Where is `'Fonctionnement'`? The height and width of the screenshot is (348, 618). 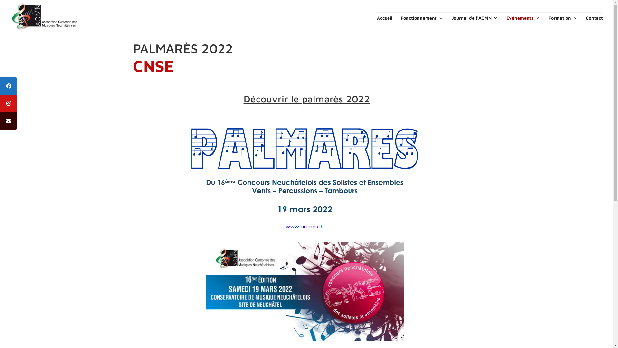
'Fonctionnement' is located at coordinates (422, 24).